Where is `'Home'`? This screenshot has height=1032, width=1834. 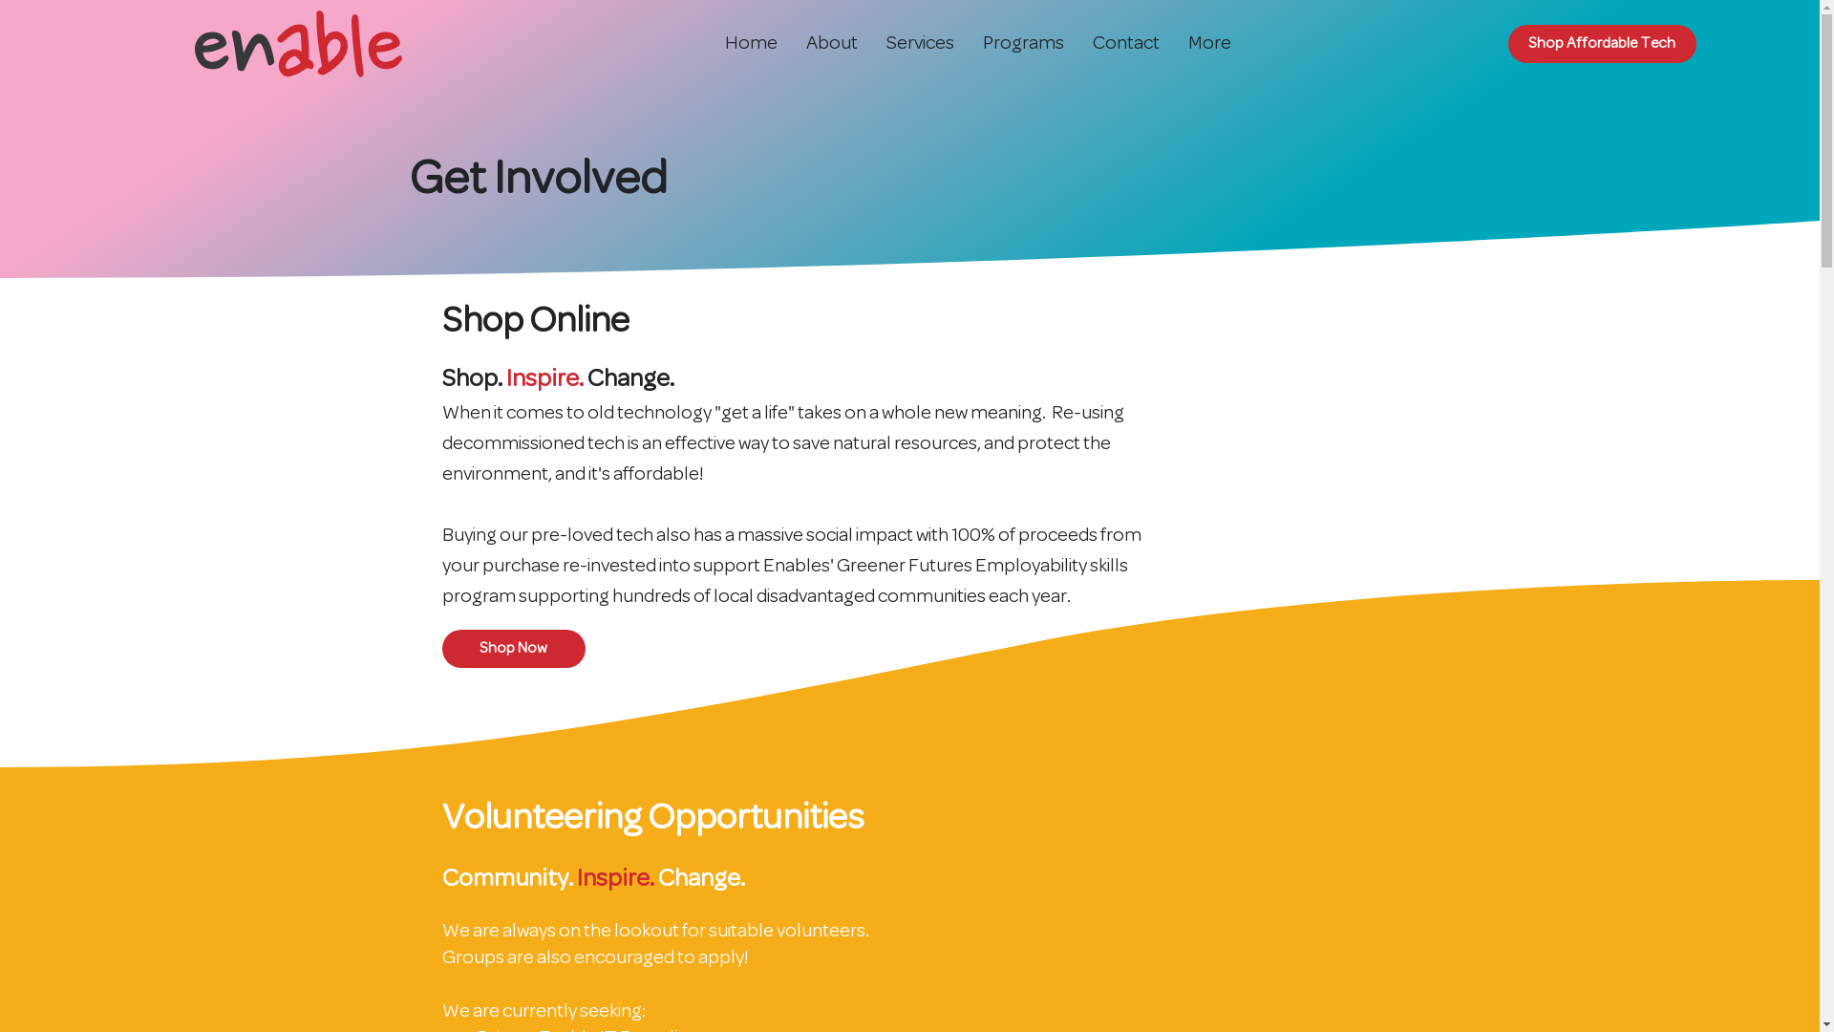
'Home' is located at coordinates (750, 43).